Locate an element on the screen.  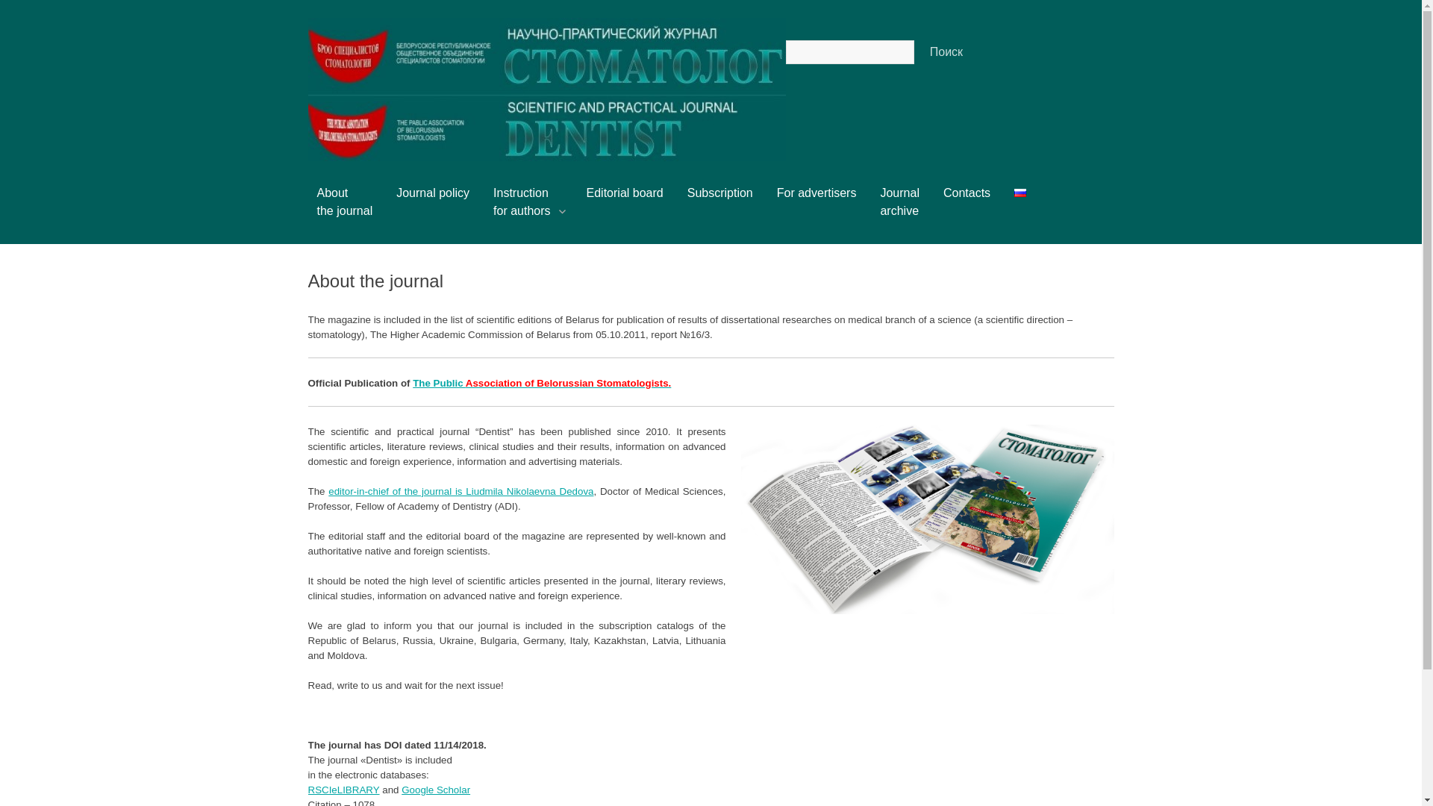
'Contacts' is located at coordinates (942, 198).